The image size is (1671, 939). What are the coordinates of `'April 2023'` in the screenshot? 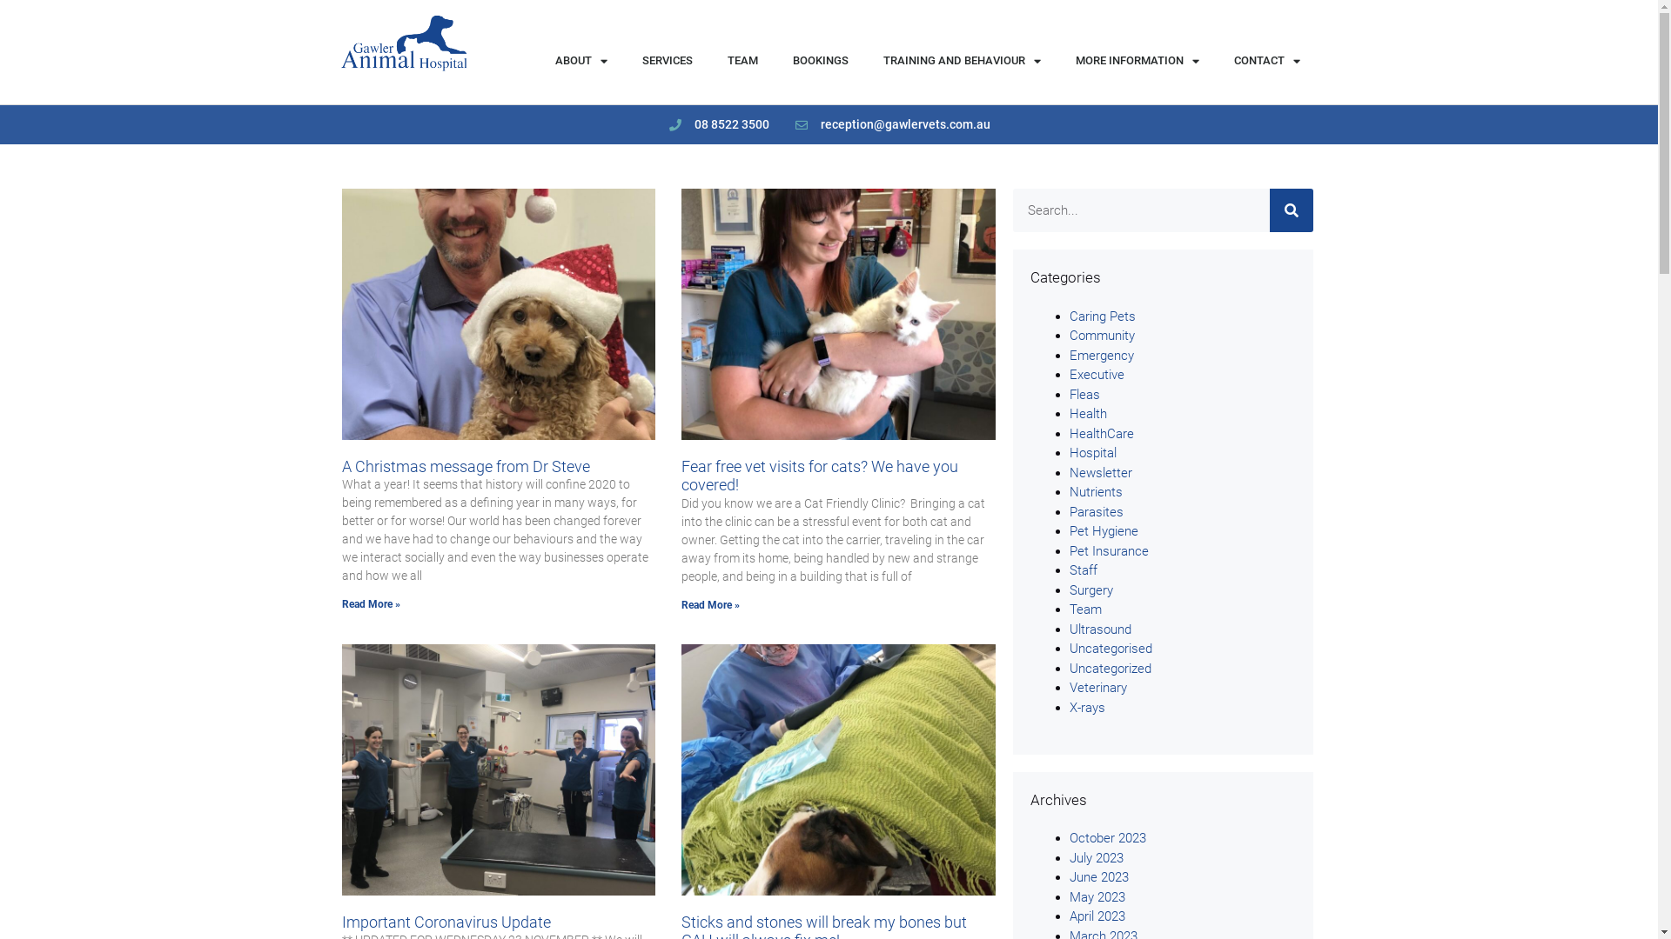 It's located at (1097, 915).